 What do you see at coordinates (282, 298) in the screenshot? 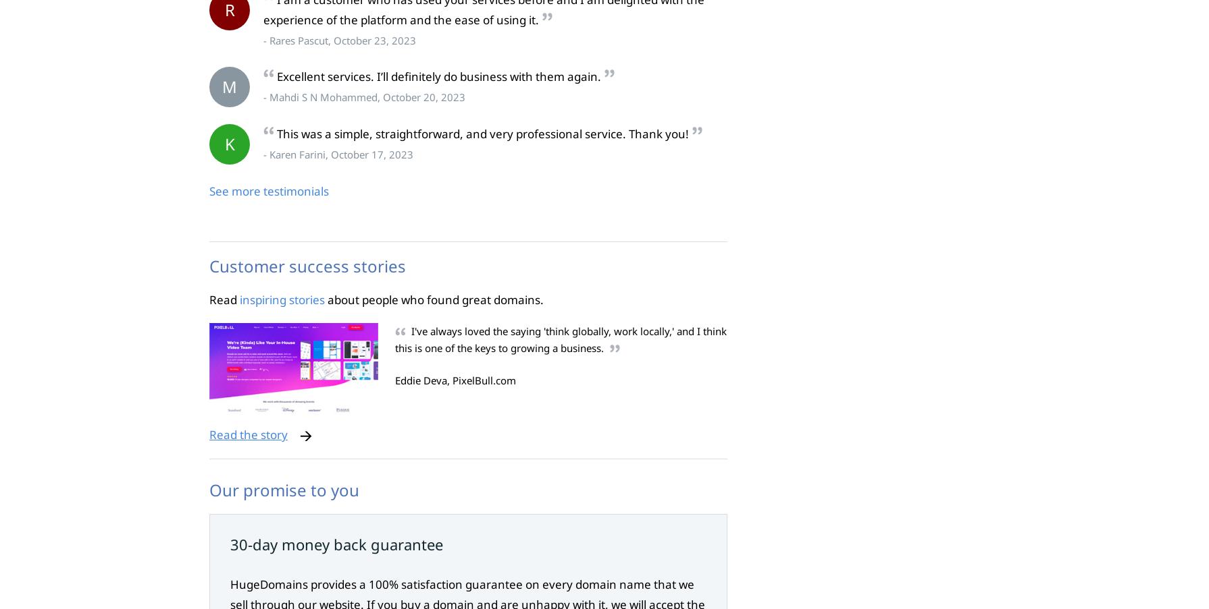
I see `'inspiring stories'` at bounding box center [282, 298].